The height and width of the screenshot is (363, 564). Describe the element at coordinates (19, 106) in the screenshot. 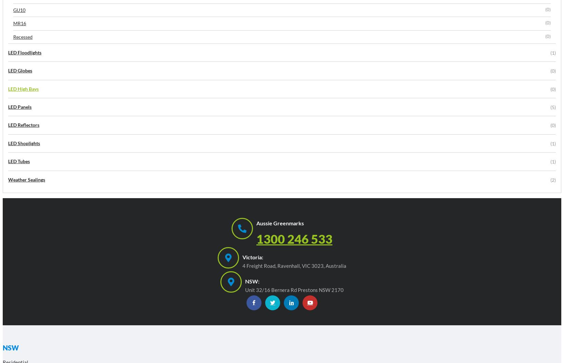

I see `'LED Panels'` at that location.